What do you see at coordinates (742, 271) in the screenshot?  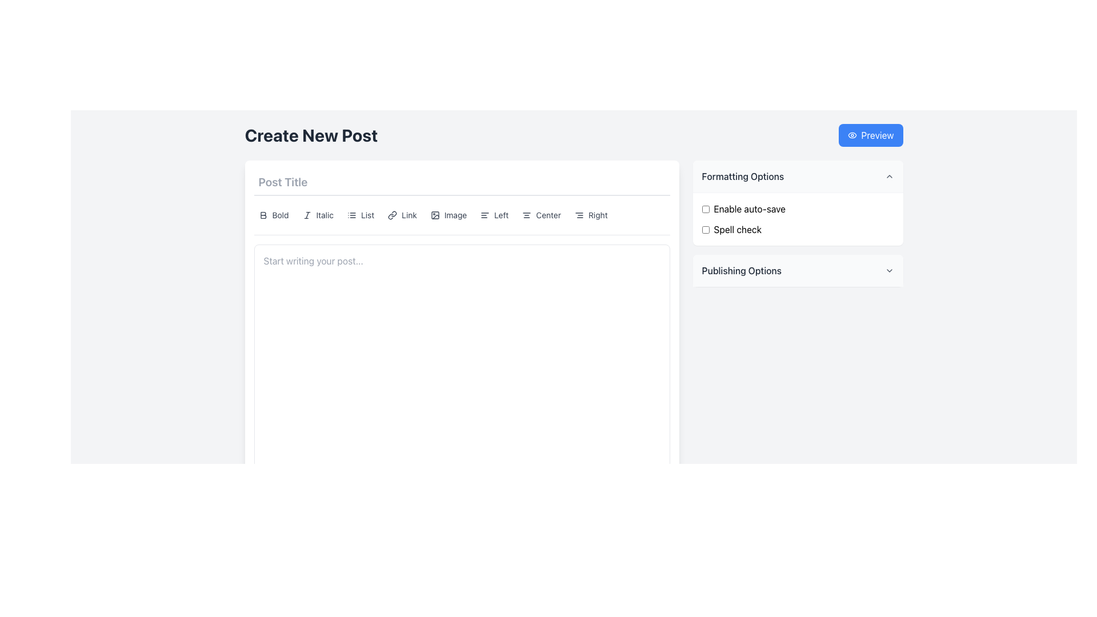 I see `the Text label that serves as a title for the publishing options section, located on the right sidebar of the interface` at bounding box center [742, 271].